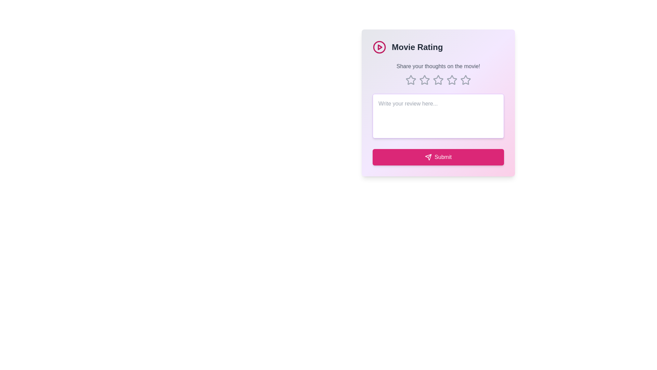  Describe the element at coordinates (452, 79) in the screenshot. I see `the third star-shaped icon in the rating system located below the title 'Movie Rating' and the text 'Share your thoughts on the movie!'` at that location.